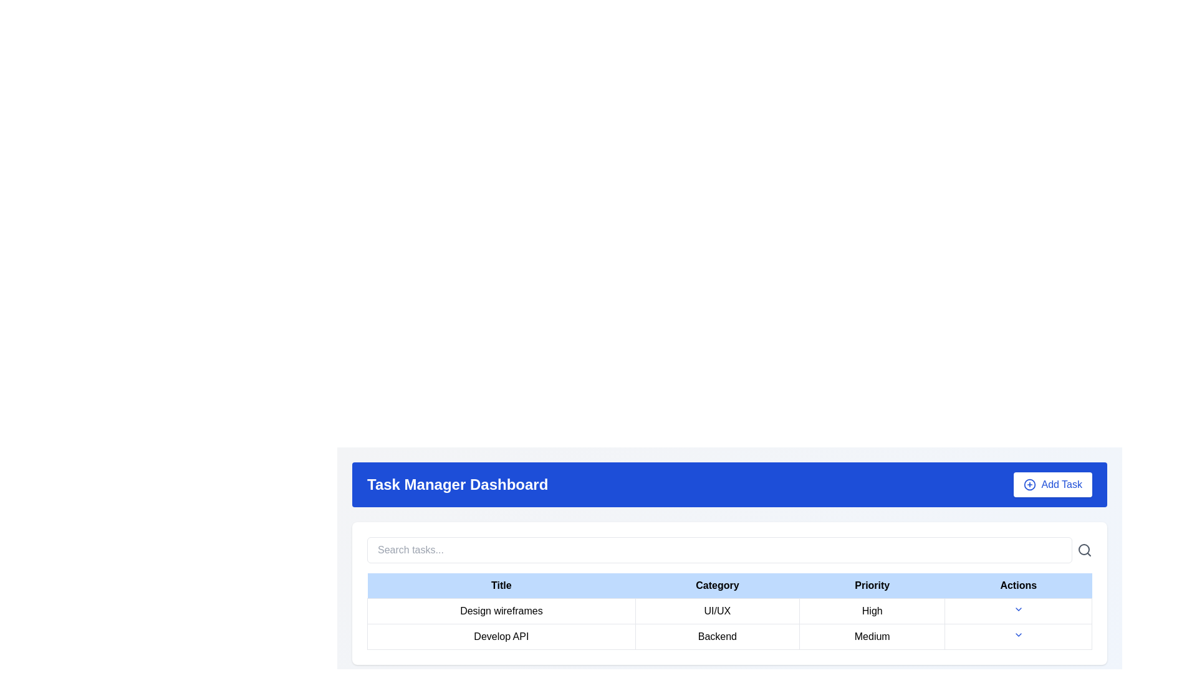  Describe the element at coordinates (1030, 484) in the screenshot. I see `the Graphical Circle element located at the top-right corner of the dashboard header, which is part of an icon and suggests an additive action` at that location.